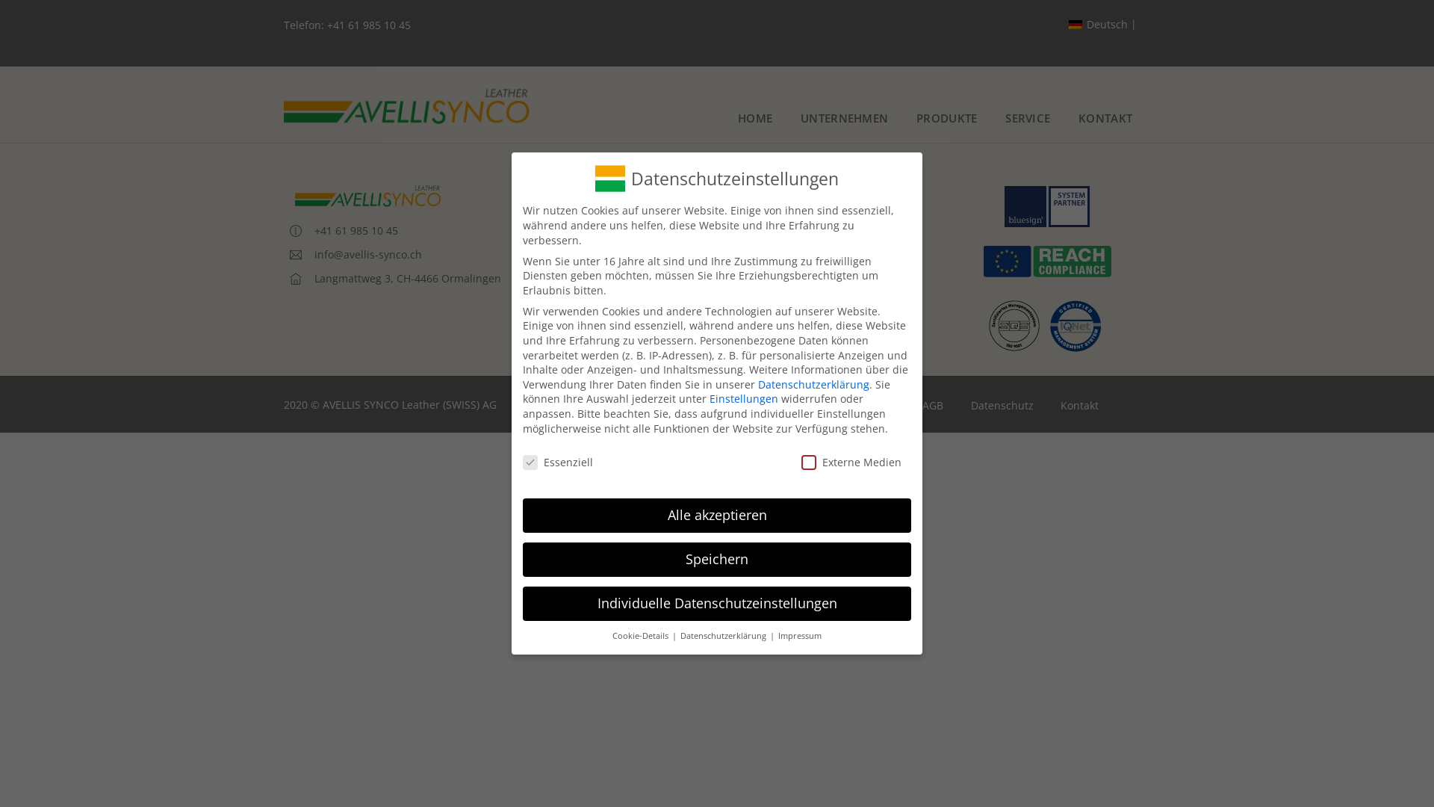 The width and height of the screenshot is (1434, 807). I want to click on 'Avellis Synco Leather Swiss', so click(369, 195).